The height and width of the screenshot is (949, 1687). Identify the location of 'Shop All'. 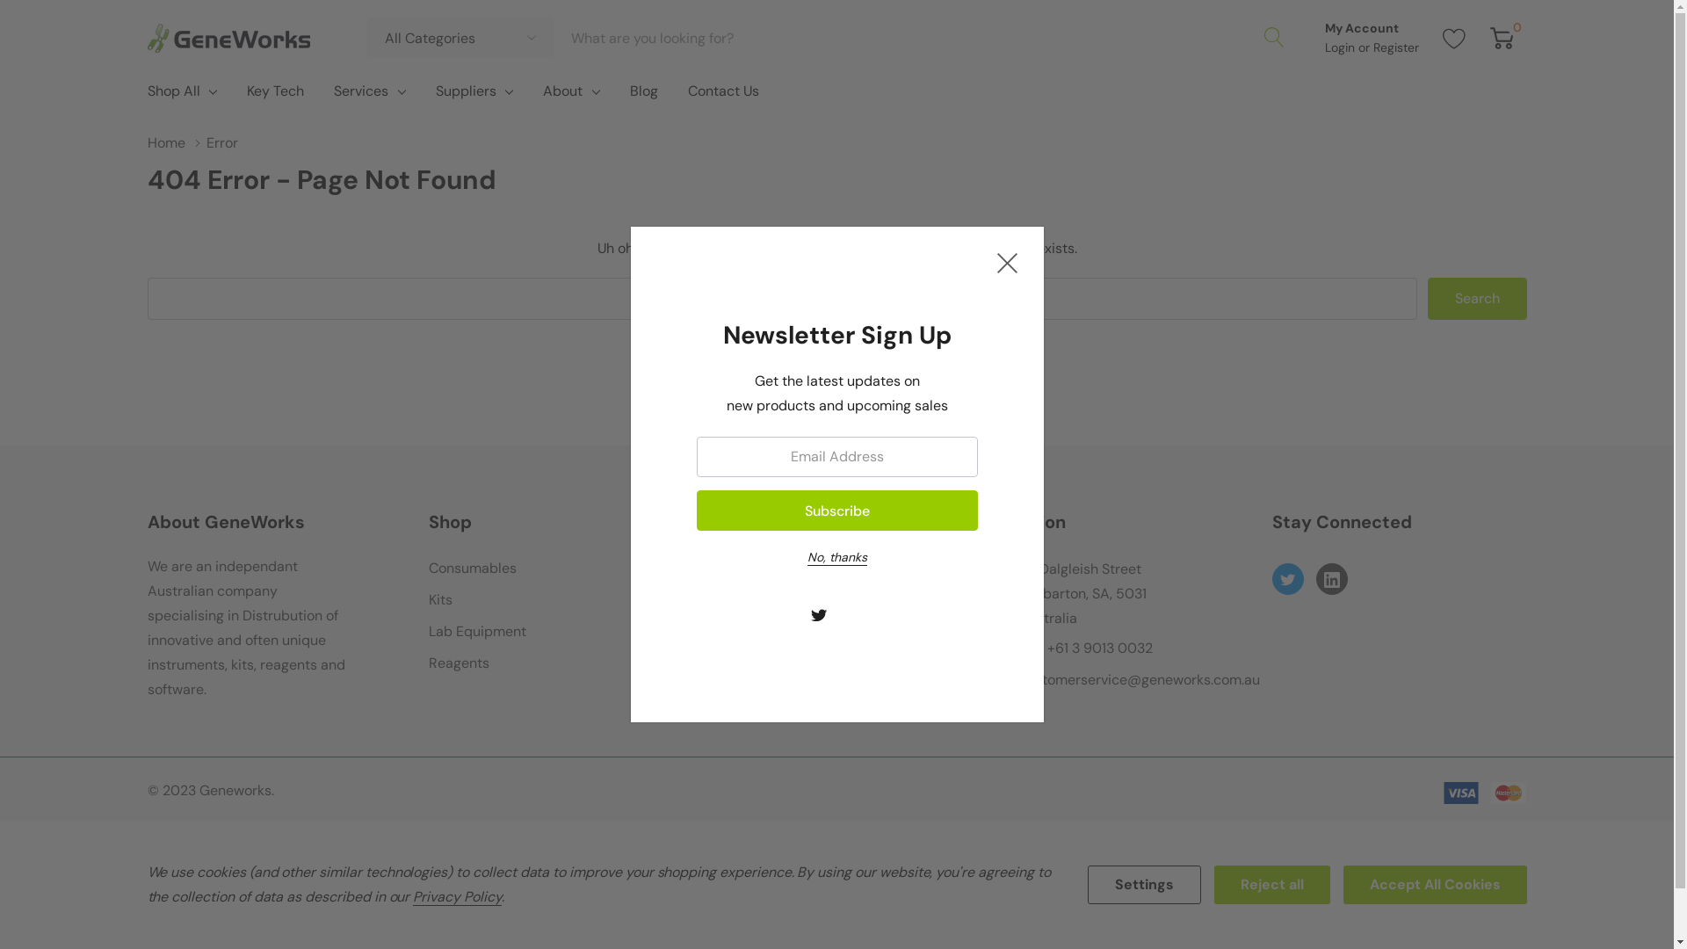
(173, 91).